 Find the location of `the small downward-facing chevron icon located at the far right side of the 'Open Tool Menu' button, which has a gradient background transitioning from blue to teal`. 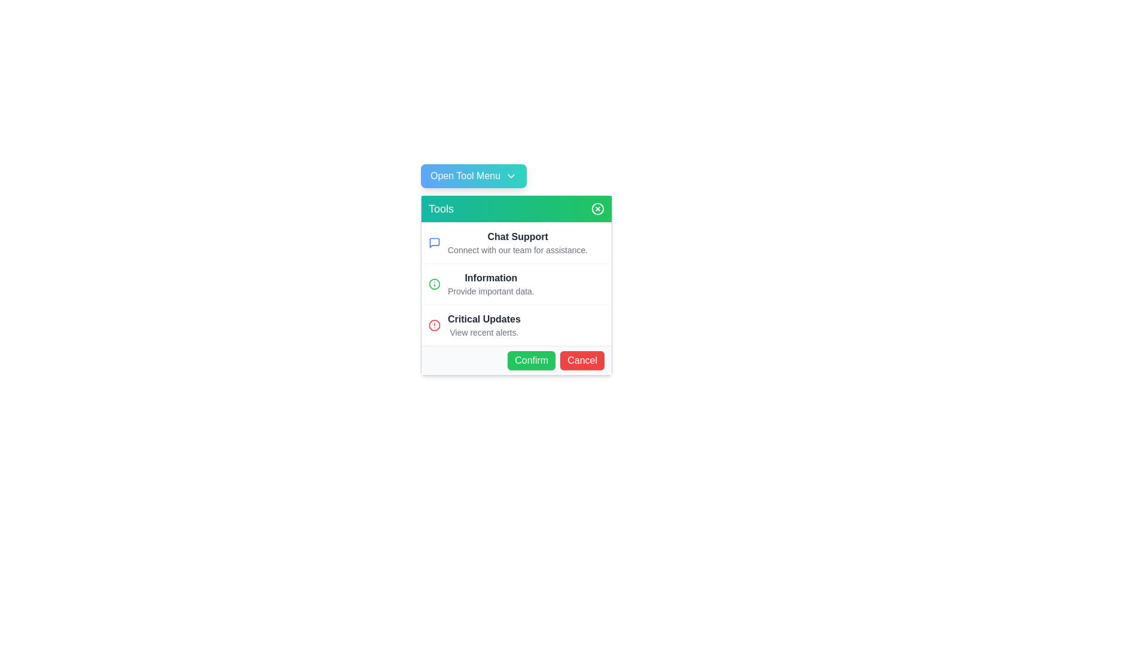

the small downward-facing chevron icon located at the far right side of the 'Open Tool Menu' button, which has a gradient background transitioning from blue to teal is located at coordinates (511, 176).